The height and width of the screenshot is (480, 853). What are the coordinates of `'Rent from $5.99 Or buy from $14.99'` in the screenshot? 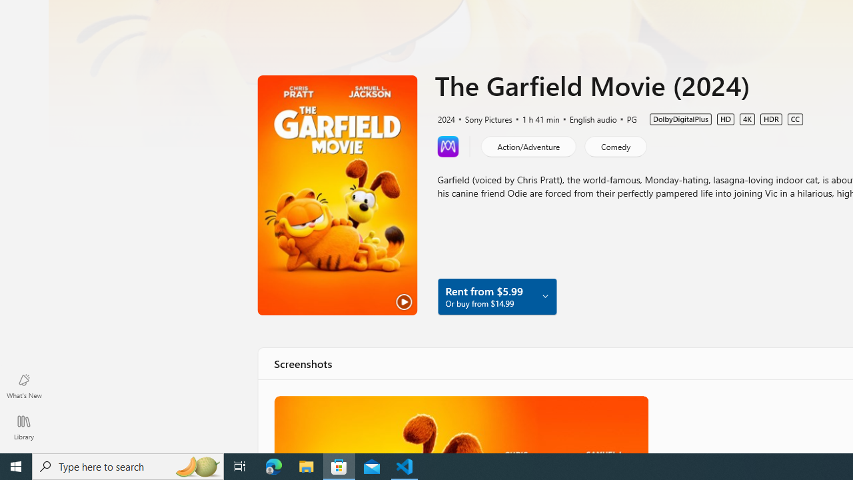 It's located at (496, 295).